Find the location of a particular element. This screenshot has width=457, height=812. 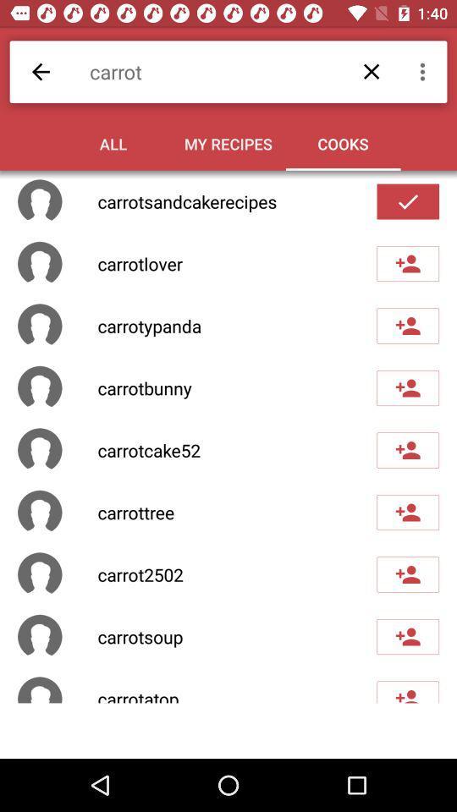

go back is located at coordinates (41, 72).